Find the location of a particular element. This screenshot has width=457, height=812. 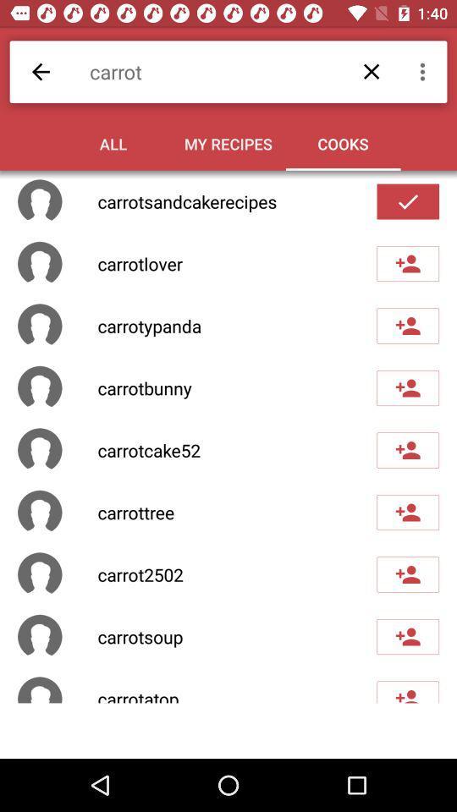

go back is located at coordinates (41, 72).